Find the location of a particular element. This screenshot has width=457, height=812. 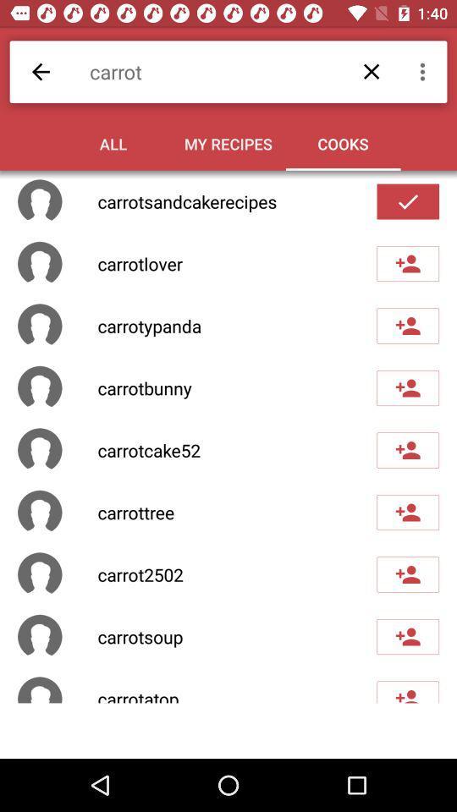

go back is located at coordinates (41, 72).